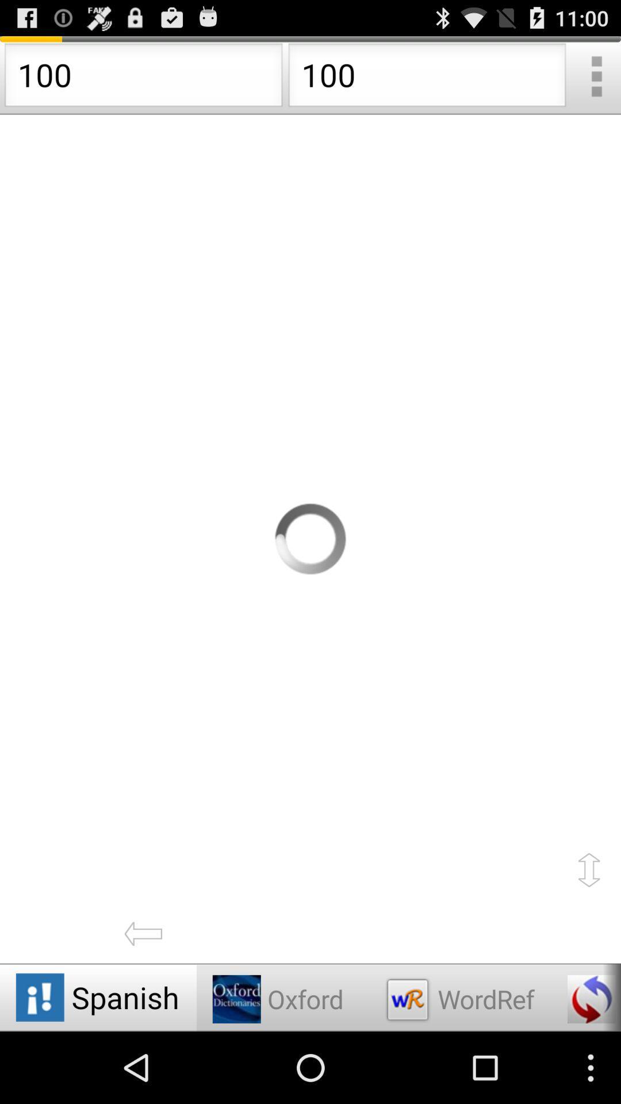 This screenshot has height=1104, width=621. What do you see at coordinates (595, 83) in the screenshot?
I see `the more icon` at bounding box center [595, 83].